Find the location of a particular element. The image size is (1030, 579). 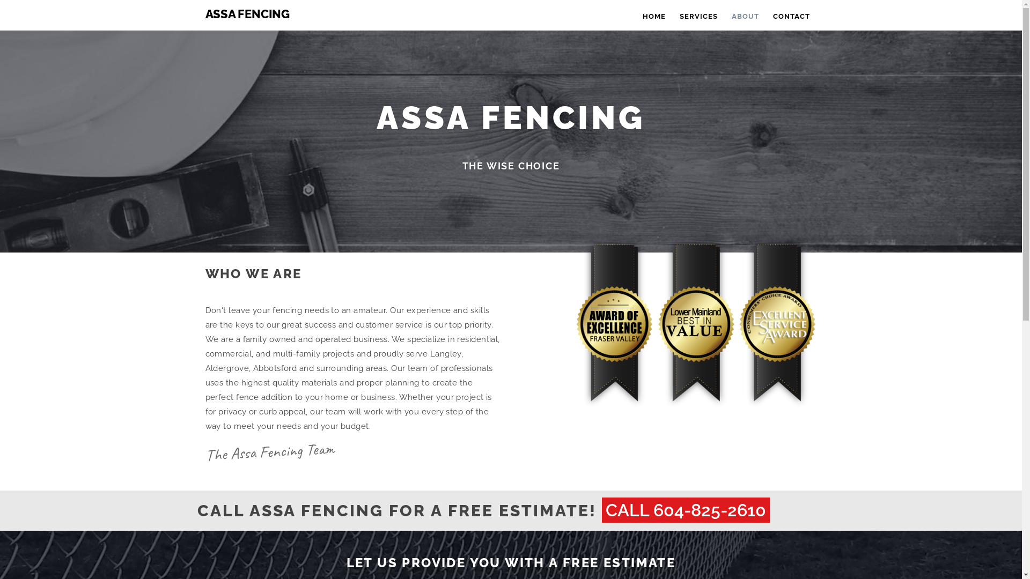

'HOME' is located at coordinates (653, 14).